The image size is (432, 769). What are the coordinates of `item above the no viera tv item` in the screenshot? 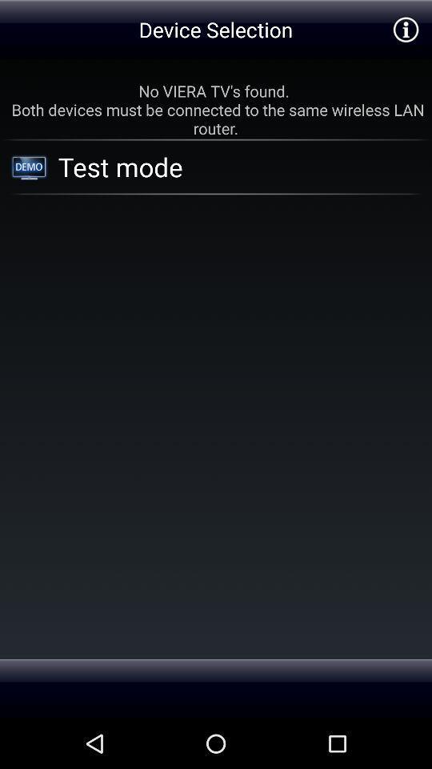 It's located at (406, 28).